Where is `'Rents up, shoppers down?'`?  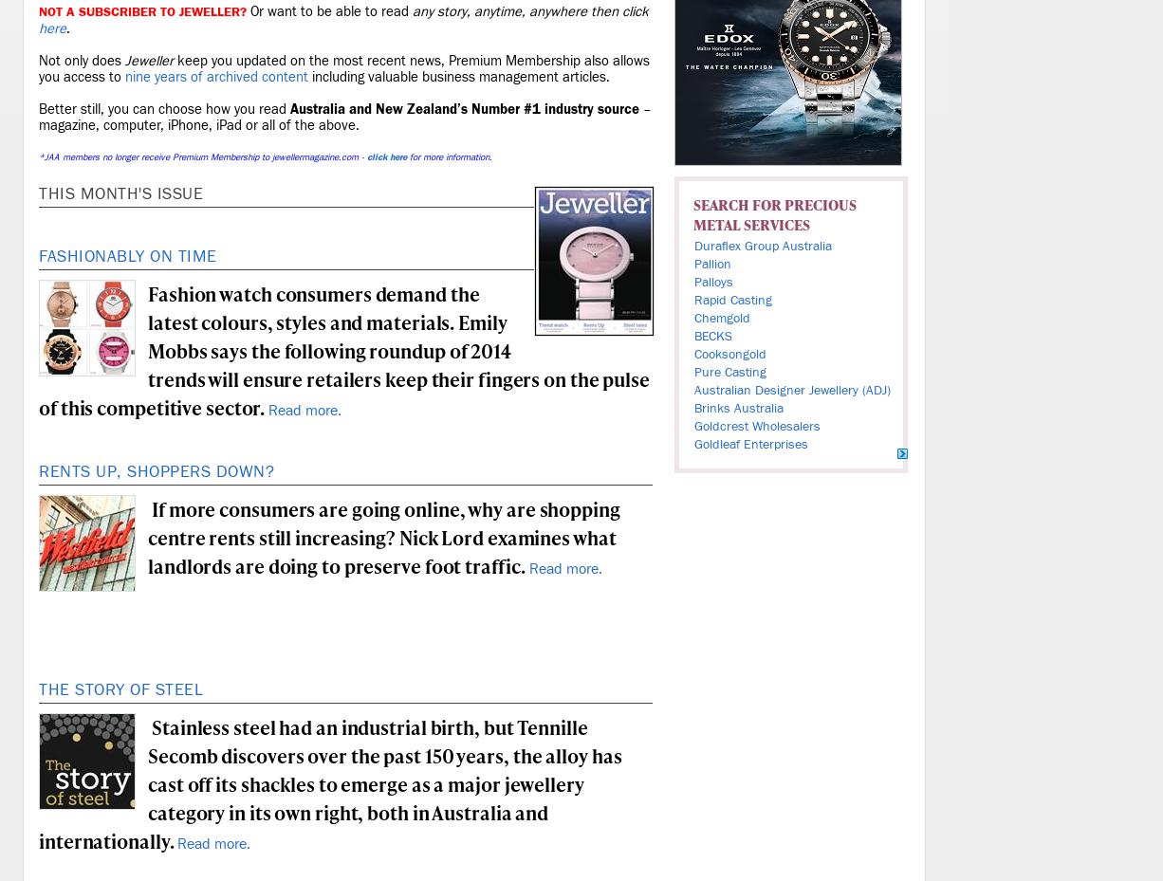 'Rents up, shoppers down?' is located at coordinates (156, 470).